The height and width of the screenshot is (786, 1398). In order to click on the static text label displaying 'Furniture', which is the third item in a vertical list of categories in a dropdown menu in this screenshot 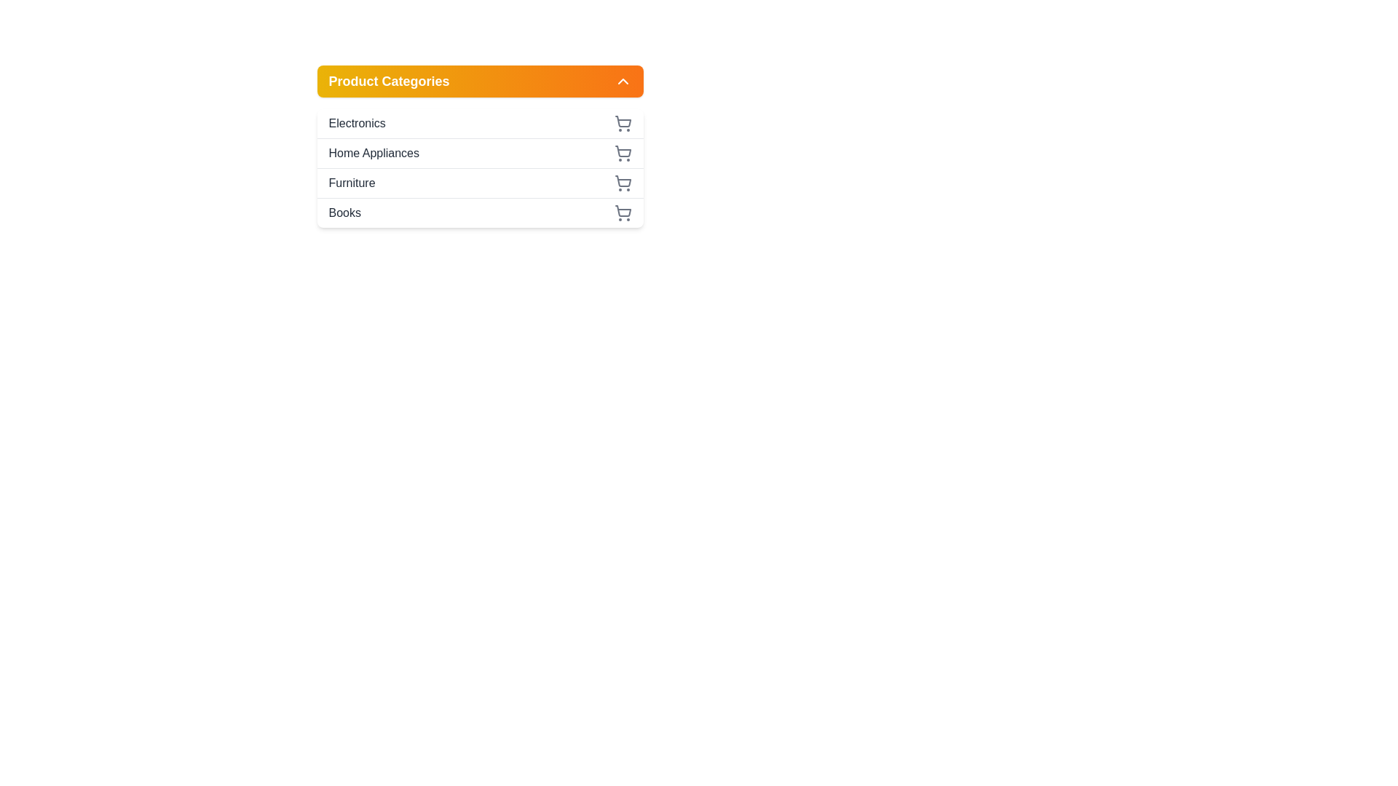, I will do `click(352, 182)`.